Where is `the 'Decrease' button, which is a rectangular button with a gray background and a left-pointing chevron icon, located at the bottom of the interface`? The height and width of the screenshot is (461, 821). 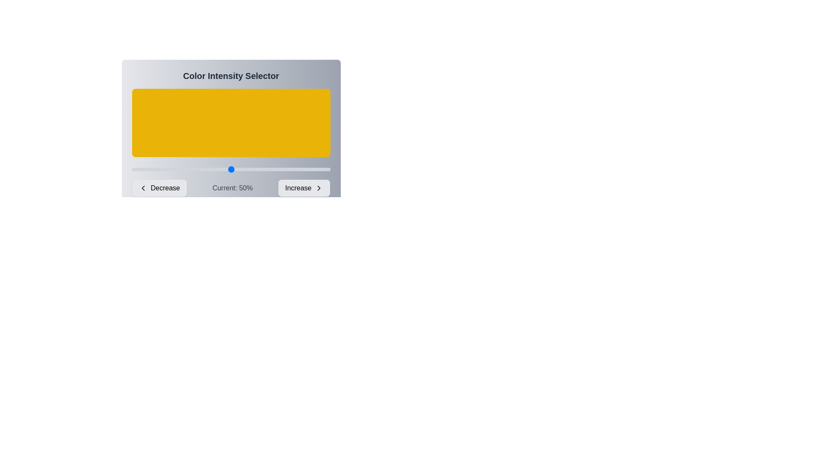 the 'Decrease' button, which is a rectangular button with a gray background and a left-pointing chevron icon, located at the bottom of the interface is located at coordinates (159, 187).